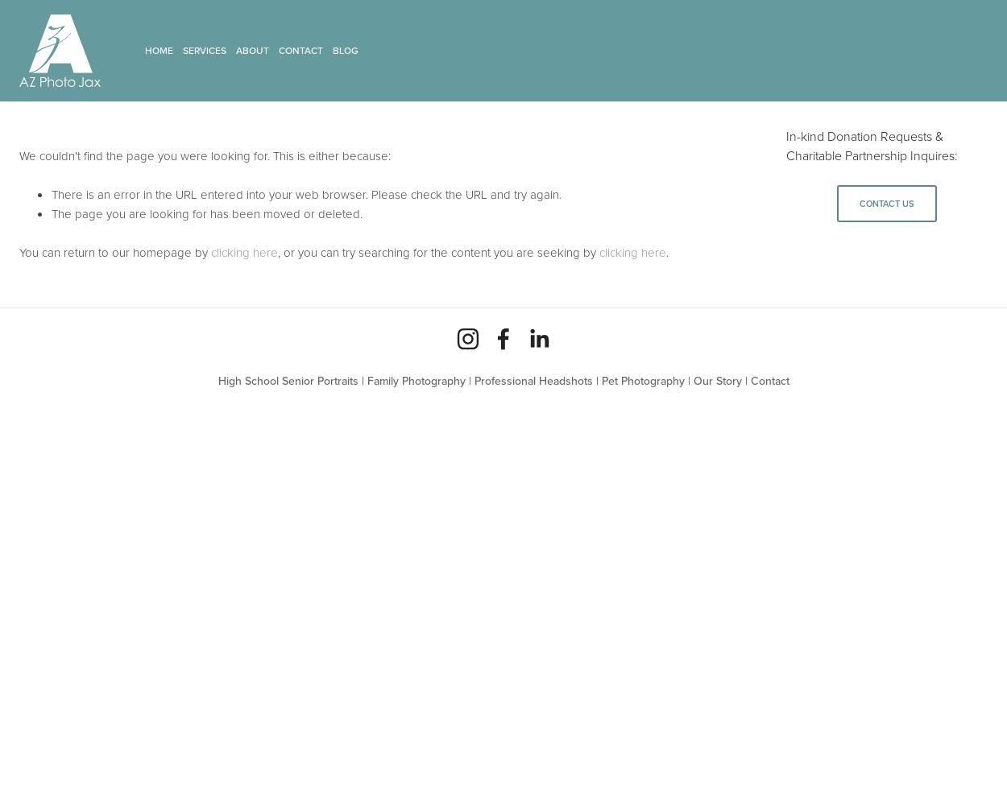 Image resolution: width=1007 pixels, height=805 pixels. Describe the element at coordinates (717, 380) in the screenshot. I see `'Our Story'` at that location.